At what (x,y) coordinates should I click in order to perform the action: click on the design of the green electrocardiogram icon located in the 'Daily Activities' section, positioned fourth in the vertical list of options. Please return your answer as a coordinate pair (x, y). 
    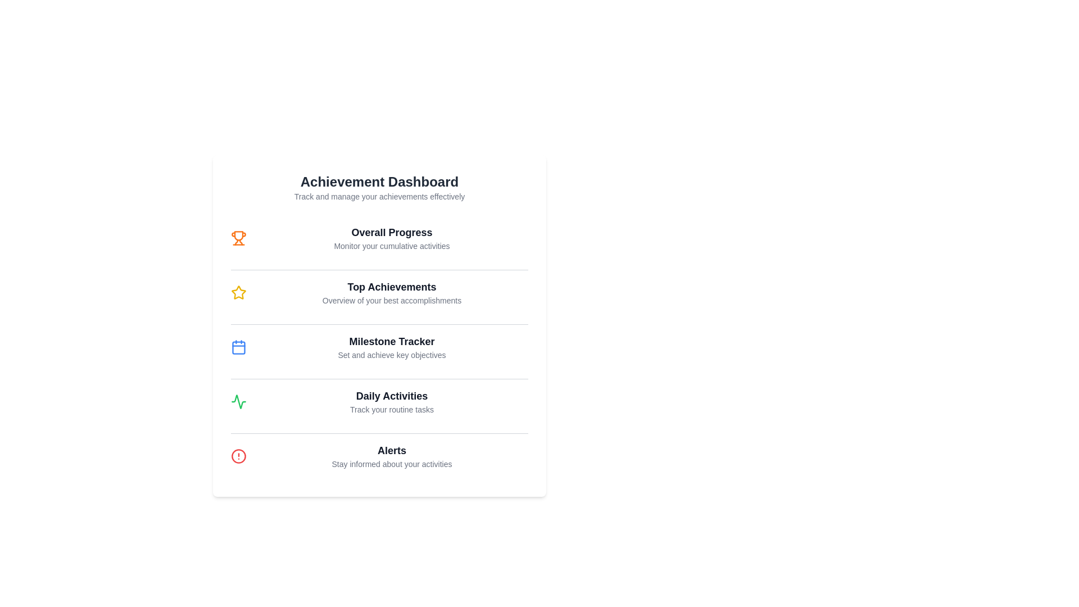
    Looking at the image, I should click on (238, 401).